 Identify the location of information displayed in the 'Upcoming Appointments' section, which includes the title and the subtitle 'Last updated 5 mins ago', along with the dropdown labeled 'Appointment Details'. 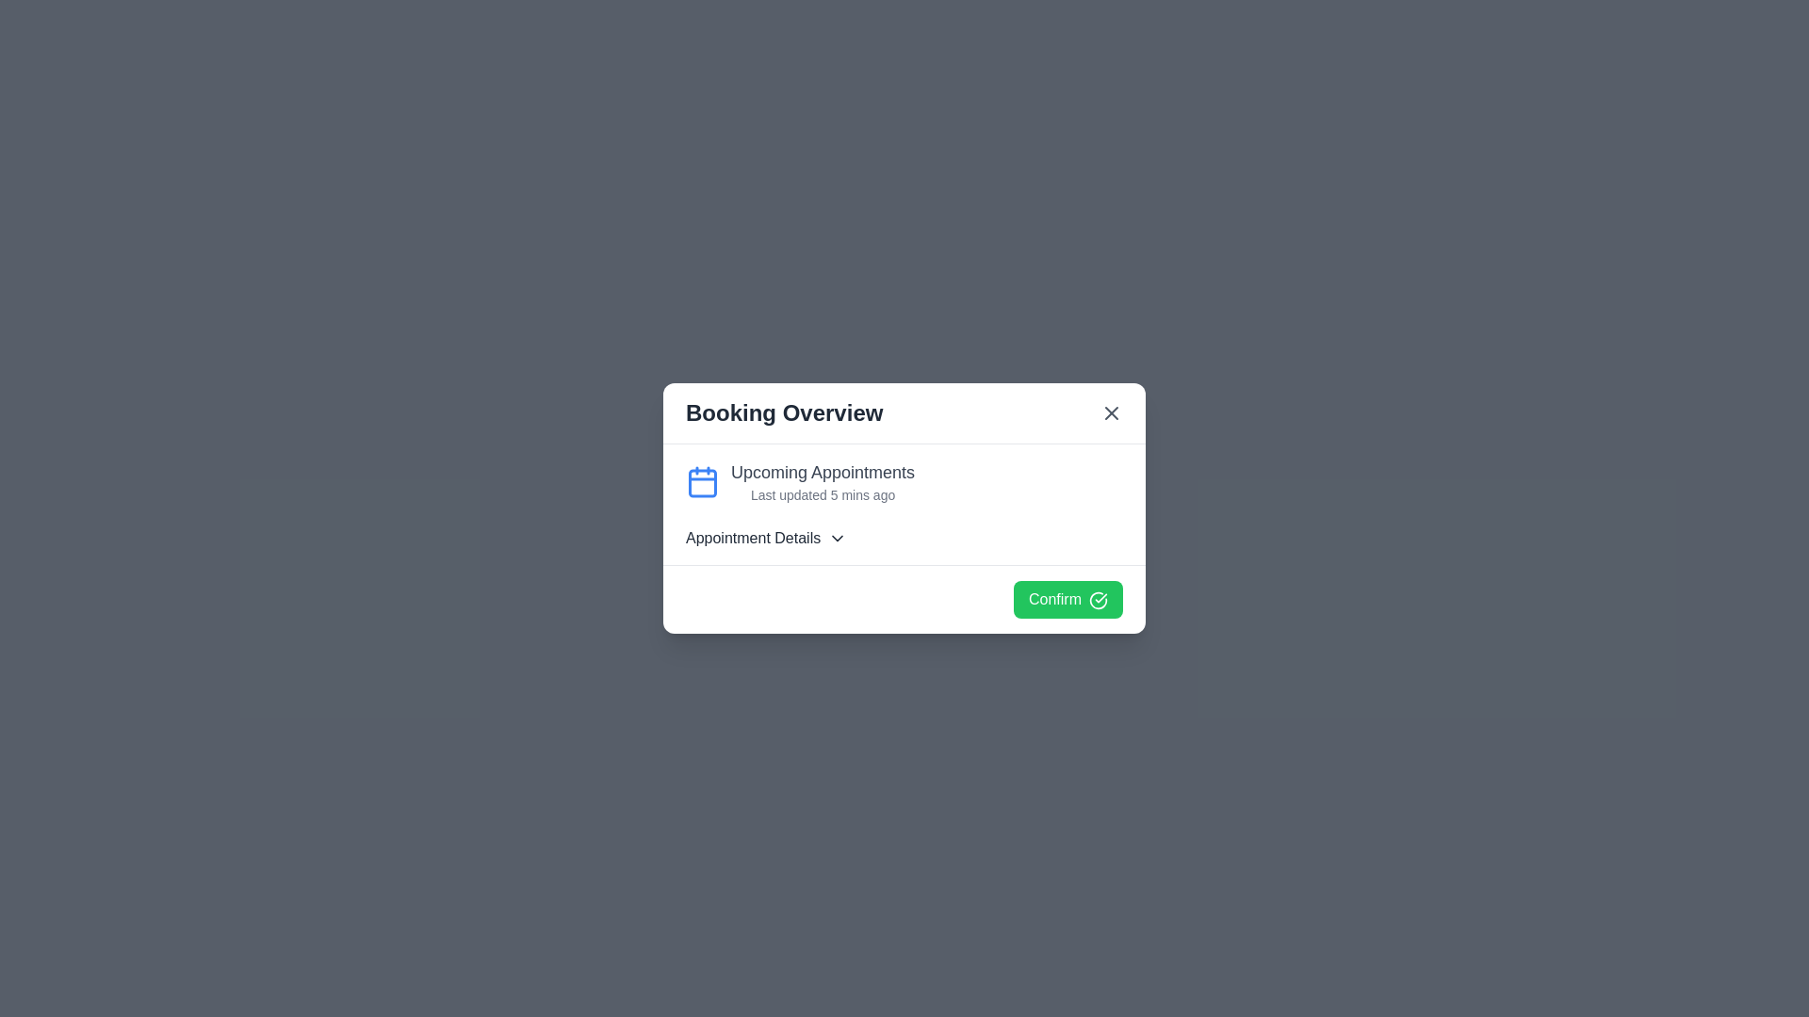
(904, 504).